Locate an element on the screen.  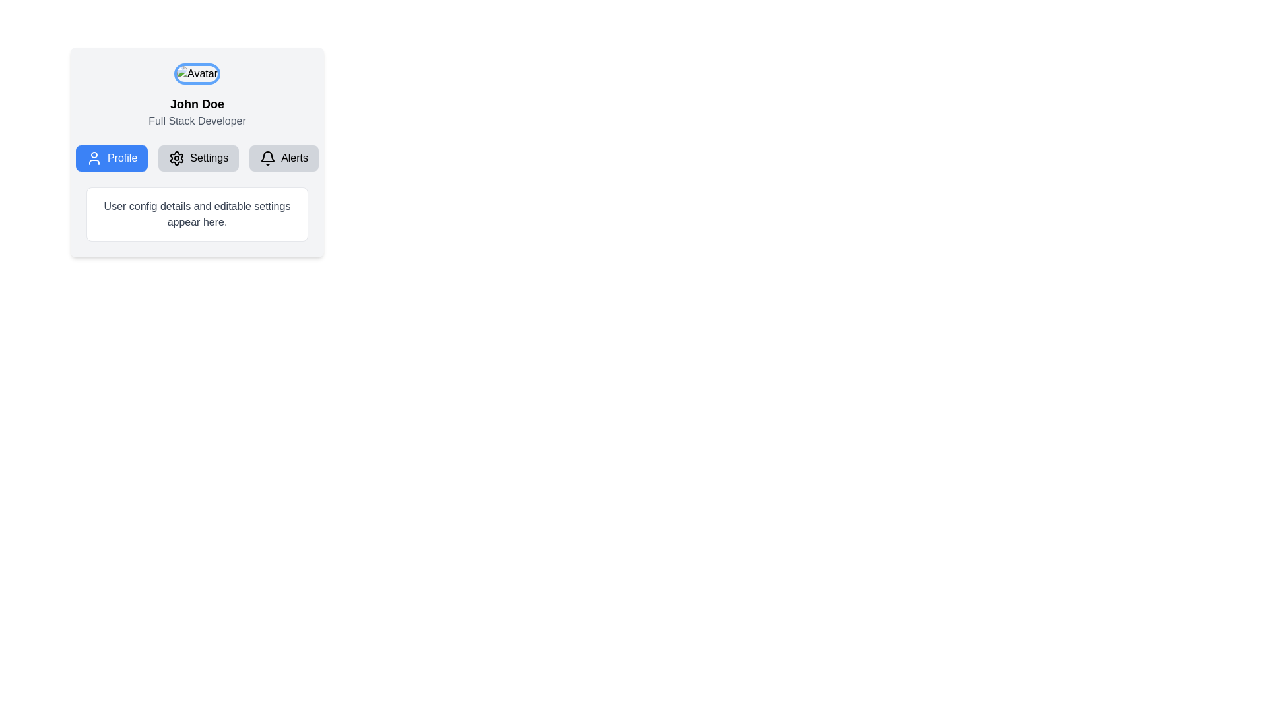
the gear icon within the settings button is located at coordinates (176, 157).